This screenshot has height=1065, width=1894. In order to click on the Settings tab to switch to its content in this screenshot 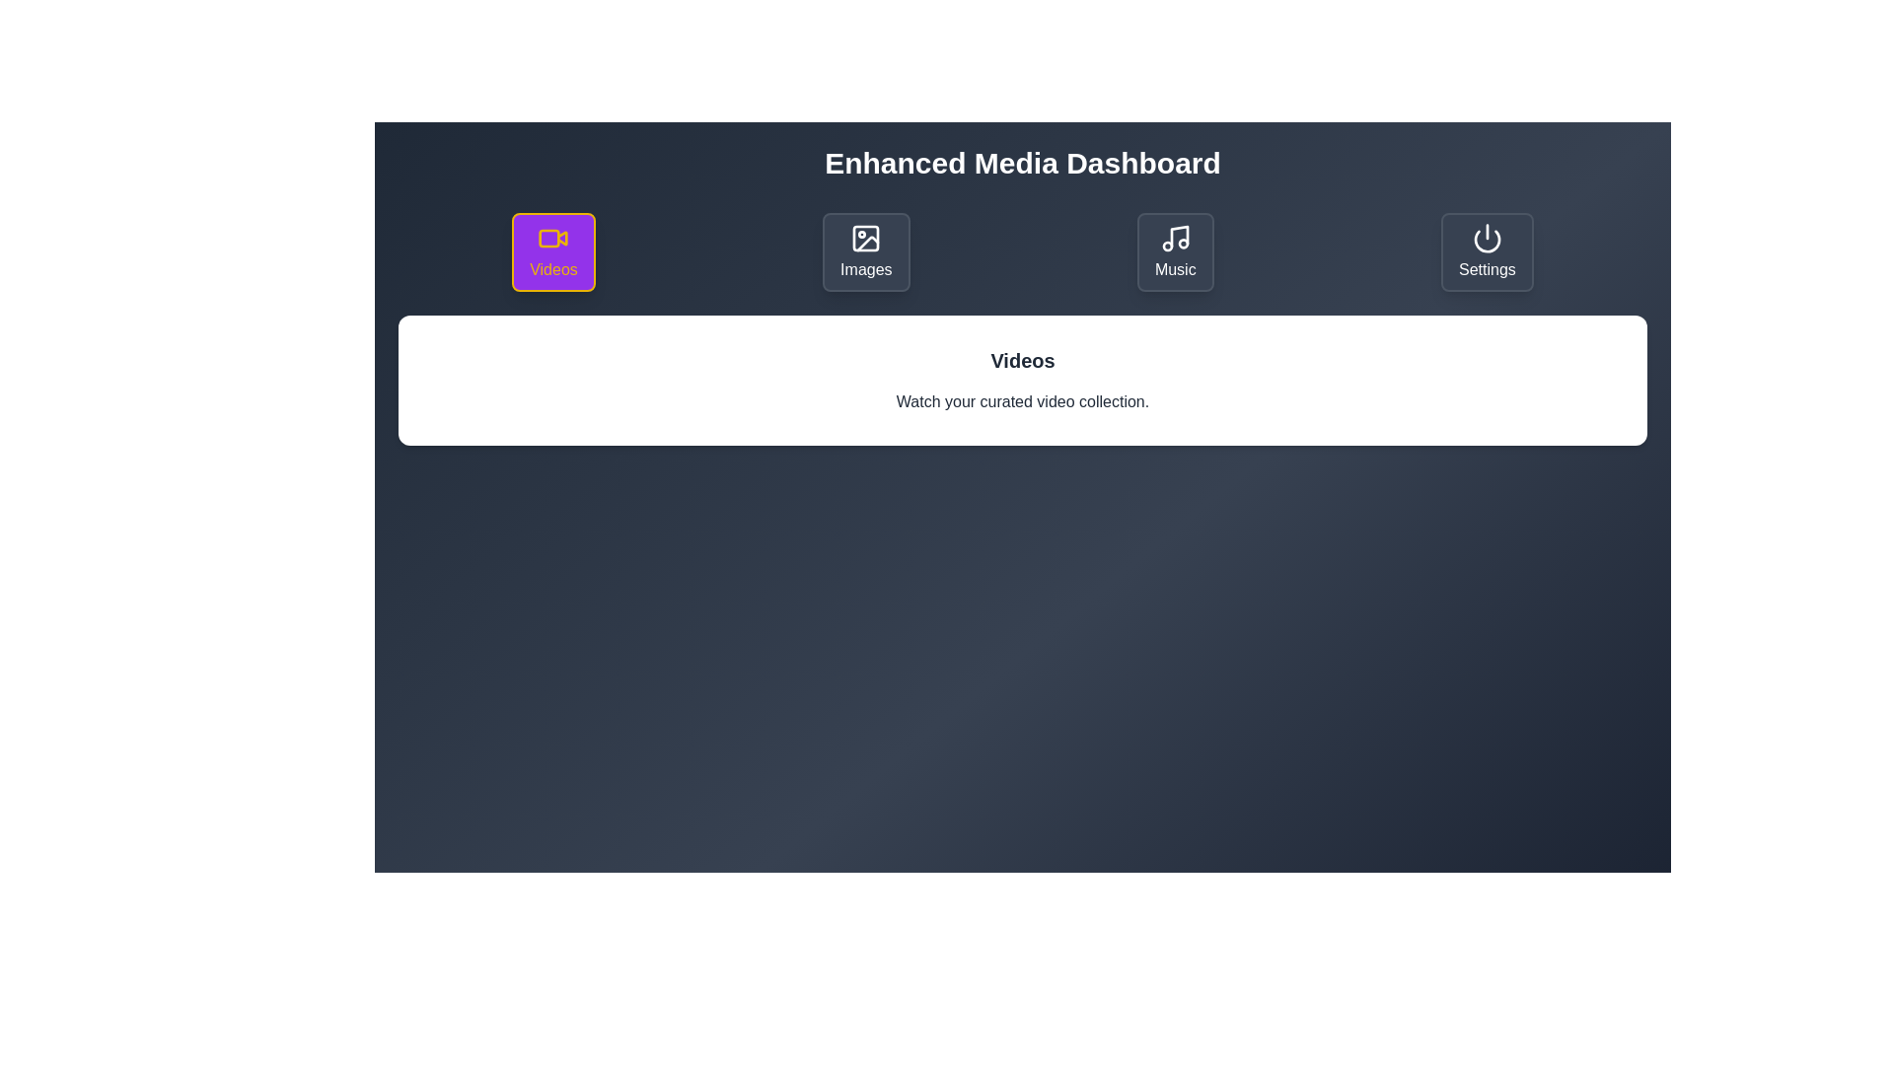, I will do `click(1487, 250)`.